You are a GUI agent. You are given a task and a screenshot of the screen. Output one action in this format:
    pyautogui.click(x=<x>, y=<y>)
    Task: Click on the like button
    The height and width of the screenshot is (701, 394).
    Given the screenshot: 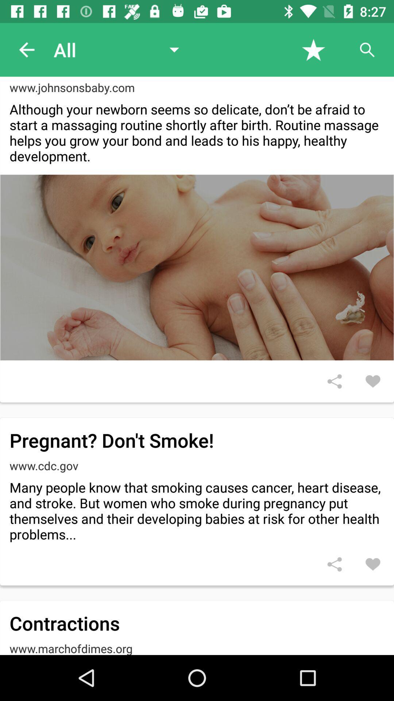 What is the action you would take?
    pyautogui.click(x=373, y=381)
    